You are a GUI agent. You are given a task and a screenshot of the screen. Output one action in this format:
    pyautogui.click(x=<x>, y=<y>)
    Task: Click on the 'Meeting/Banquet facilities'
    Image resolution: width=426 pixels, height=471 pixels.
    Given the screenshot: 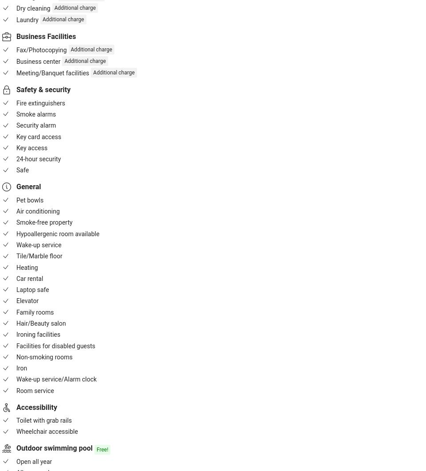 What is the action you would take?
    pyautogui.click(x=52, y=73)
    